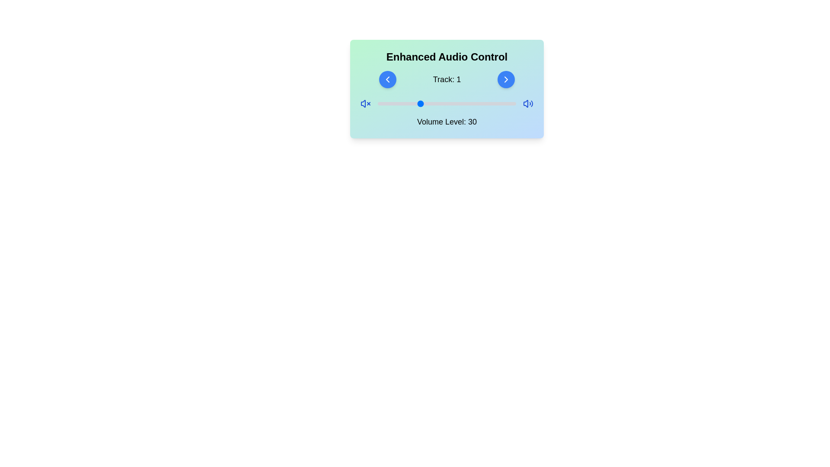 The width and height of the screenshot is (830, 467). What do you see at coordinates (403, 103) in the screenshot?
I see `the volume slider to set the volume to 19%` at bounding box center [403, 103].